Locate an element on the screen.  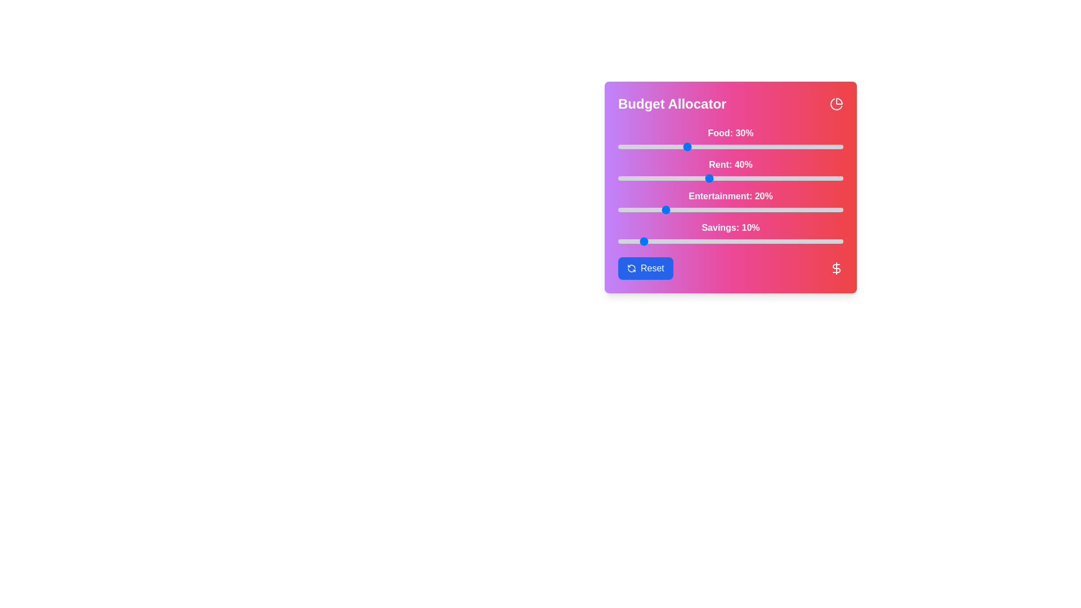
'Food' slider is located at coordinates (647, 146).